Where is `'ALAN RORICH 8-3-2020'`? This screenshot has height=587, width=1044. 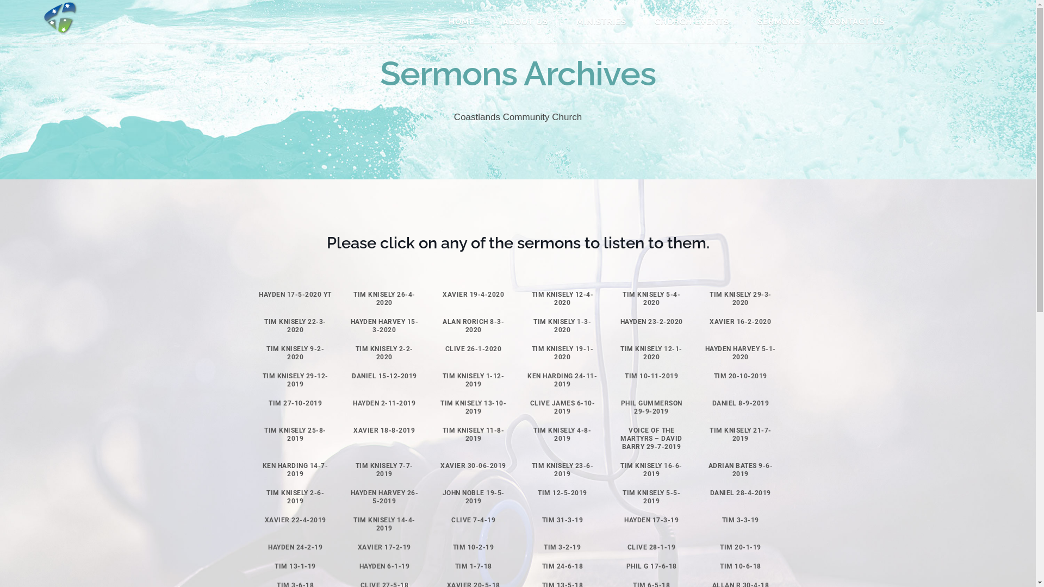
'ALAN RORICH 8-3-2020' is located at coordinates (473, 325).